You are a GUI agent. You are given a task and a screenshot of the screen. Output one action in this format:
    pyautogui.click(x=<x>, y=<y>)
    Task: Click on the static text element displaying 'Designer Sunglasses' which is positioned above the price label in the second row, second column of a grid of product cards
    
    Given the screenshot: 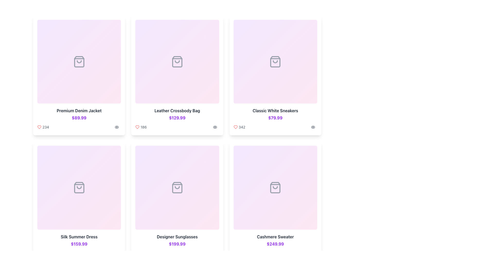 What is the action you would take?
    pyautogui.click(x=177, y=237)
    